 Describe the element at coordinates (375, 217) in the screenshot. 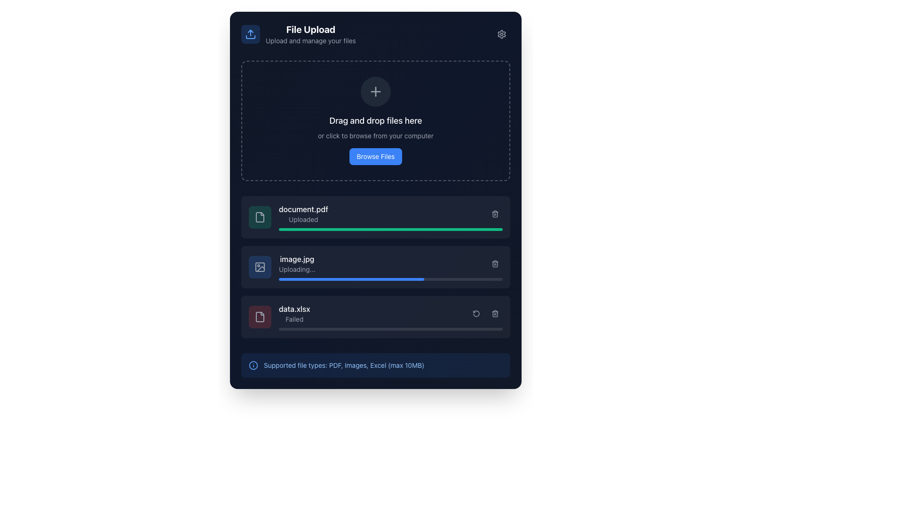

I see `the file upload item labeled 'document.pdf'` at that location.